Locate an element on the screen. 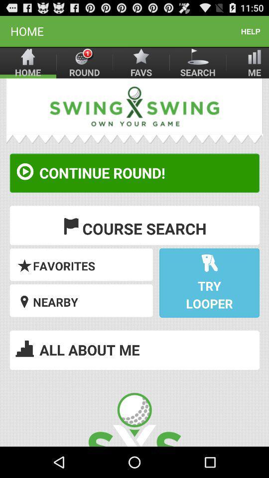  take me to the site is located at coordinates (134, 262).